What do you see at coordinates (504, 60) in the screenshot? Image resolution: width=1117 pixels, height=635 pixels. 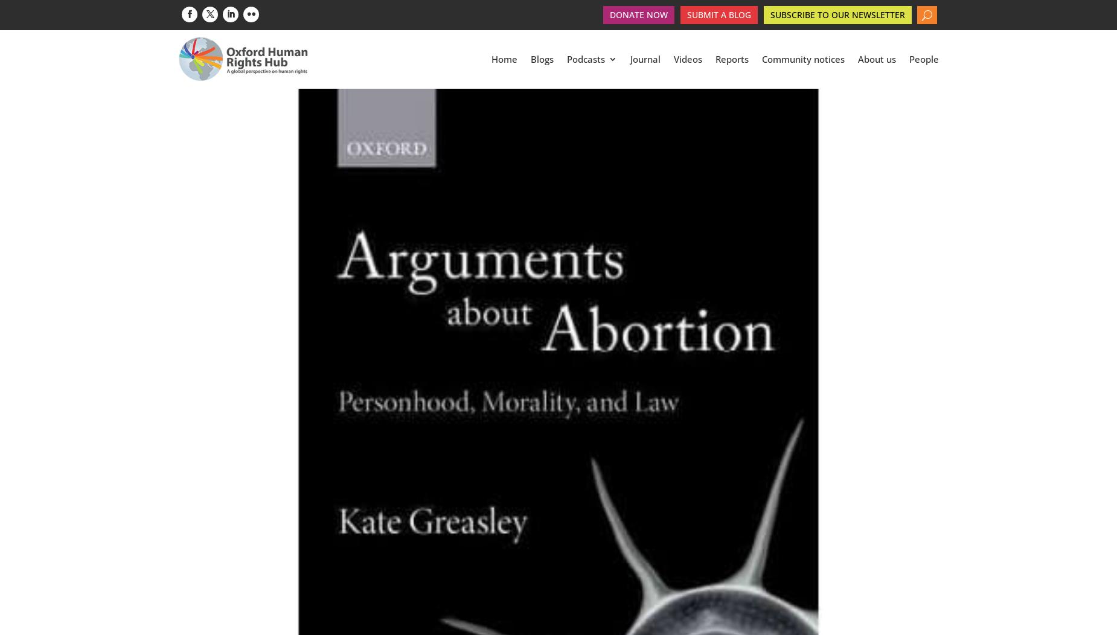 I see `'Home'` at bounding box center [504, 60].